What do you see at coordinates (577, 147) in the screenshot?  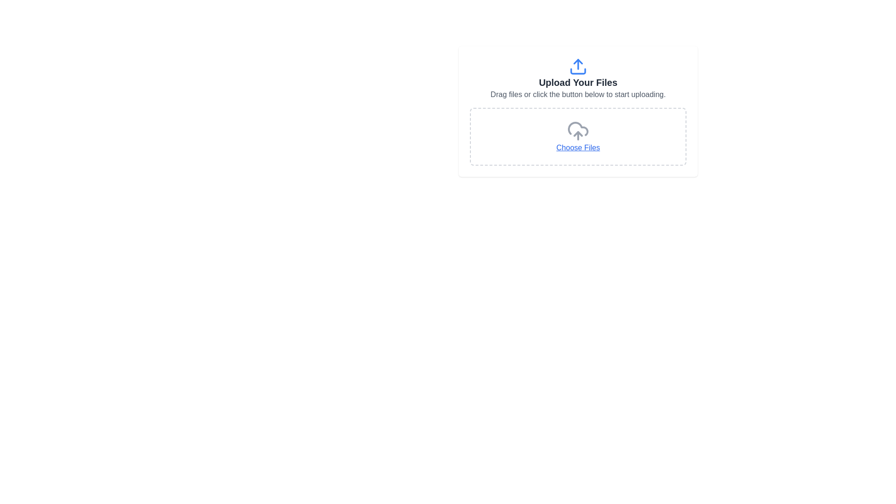 I see `the 'Choose Files' hyperlink, which is styled as blue and underlined, located centrally below the dashed rectangular upload area in the upload interface` at bounding box center [577, 147].